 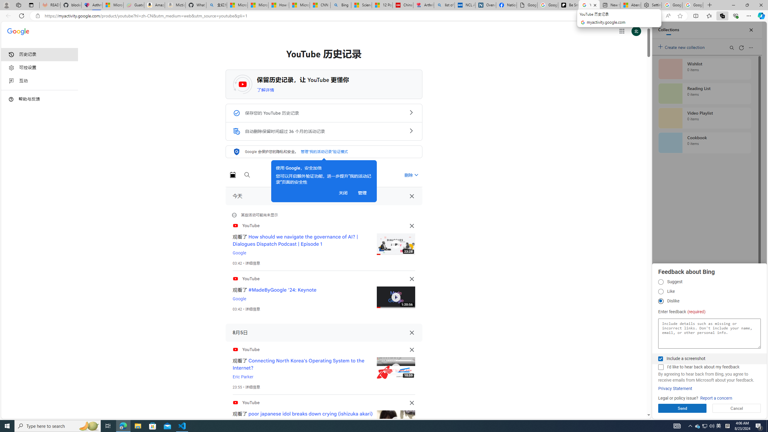 What do you see at coordinates (630, 5) in the screenshot?
I see `'Aberdeen, Hong Kong SAR hourly forecast | Microsoft Weather'` at bounding box center [630, 5].